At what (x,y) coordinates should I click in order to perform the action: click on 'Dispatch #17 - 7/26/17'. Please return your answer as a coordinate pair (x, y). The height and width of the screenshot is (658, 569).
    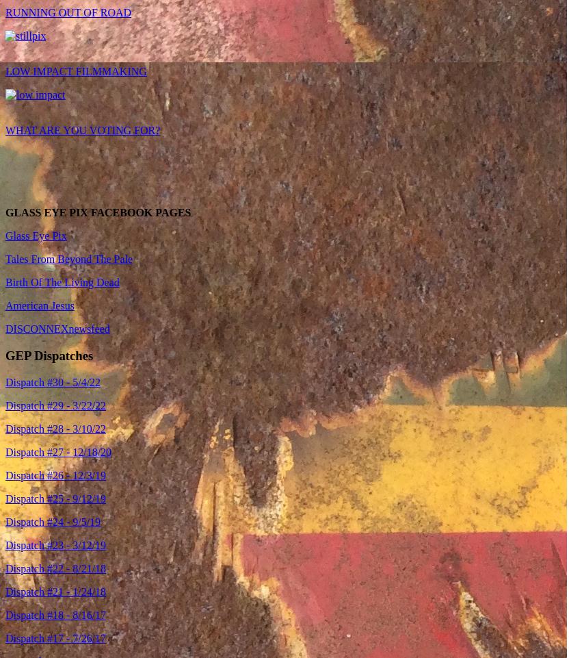
    Looking at the image, I should click on (55, 637).